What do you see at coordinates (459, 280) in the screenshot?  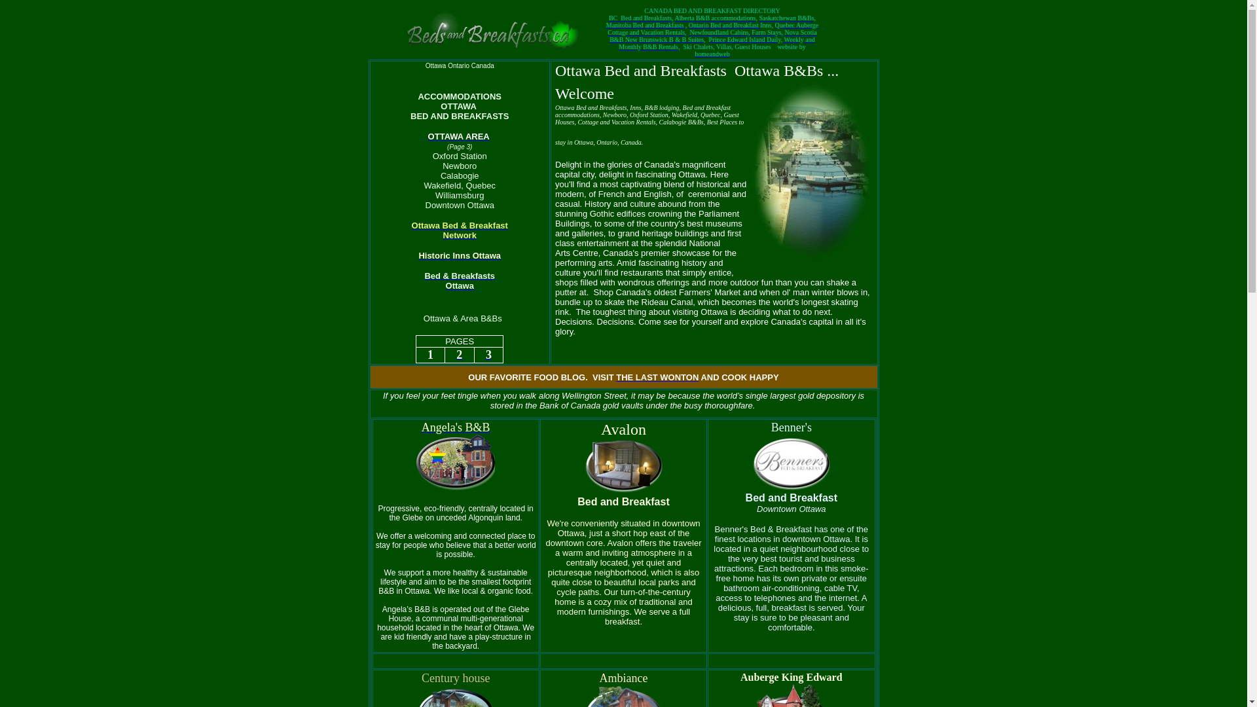 I see `'Bed & Breakfasts` at bounding box center [459, 280].